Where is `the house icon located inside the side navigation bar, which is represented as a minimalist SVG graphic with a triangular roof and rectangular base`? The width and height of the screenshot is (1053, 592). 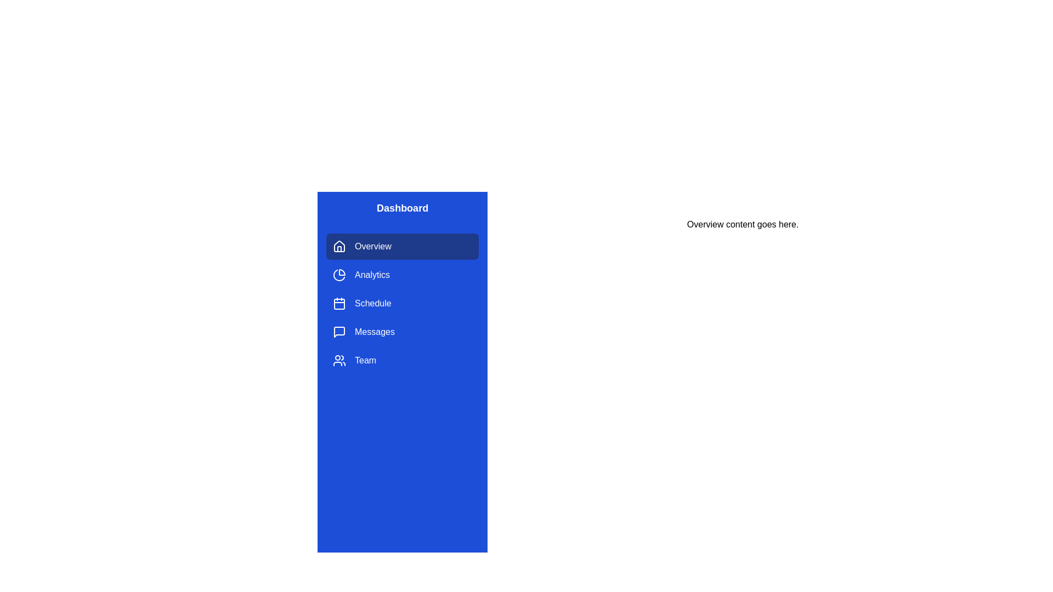 the house icon located inside the side navigation bar, which is represented as a minimalist SVG graphic with a triangular roof and rectangular base is located at coordinates (339, 245).